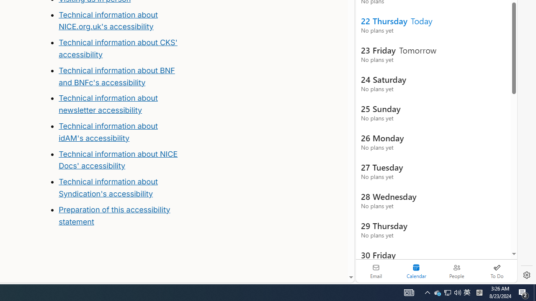 The image size is (536, 301). Describe the element at coordinates (376, 271) in the screenshot. I see `'Email'` at that location.